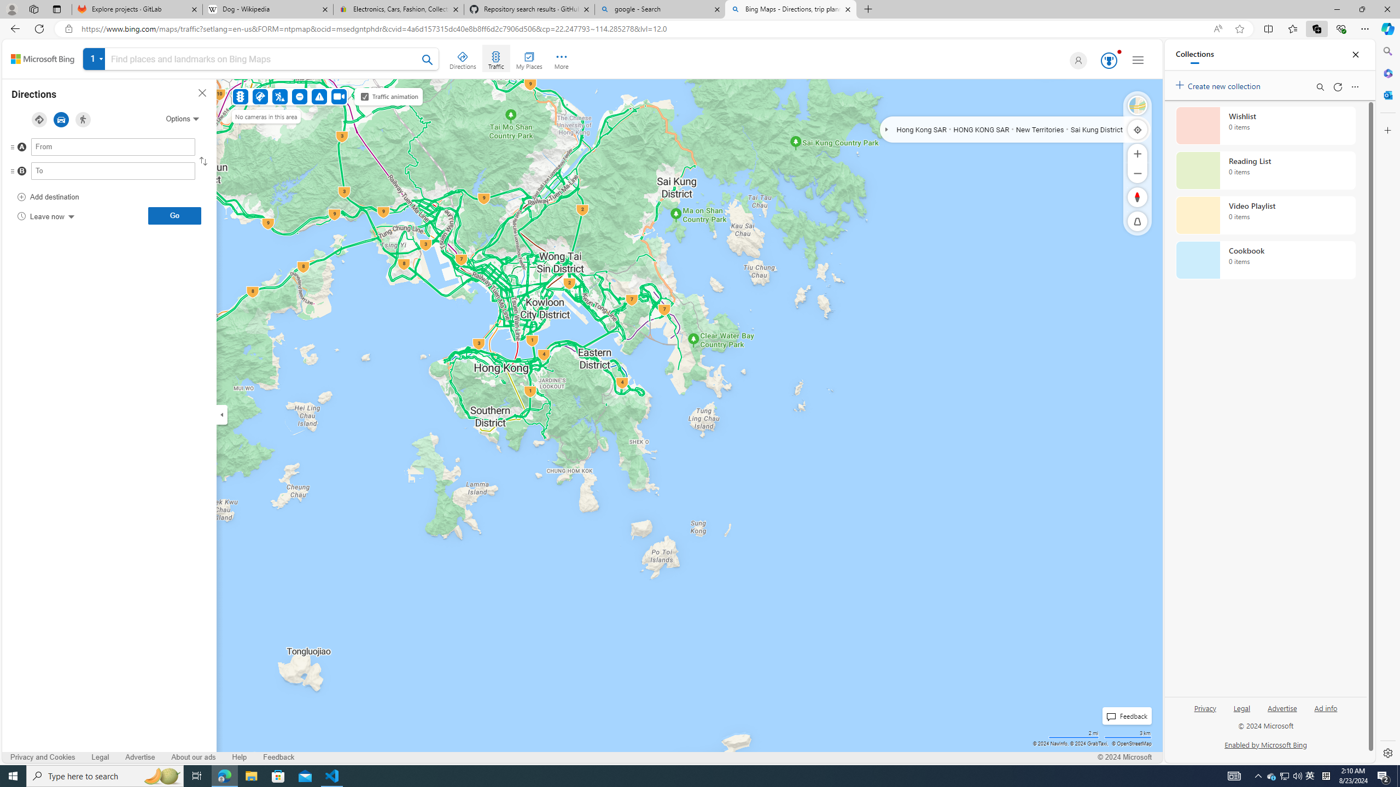 The image size is (1400, 787). What do you see at coordinates (300, 96) in the screenshot?
I see `'Road Closures'` at bounding box center [300, 96].